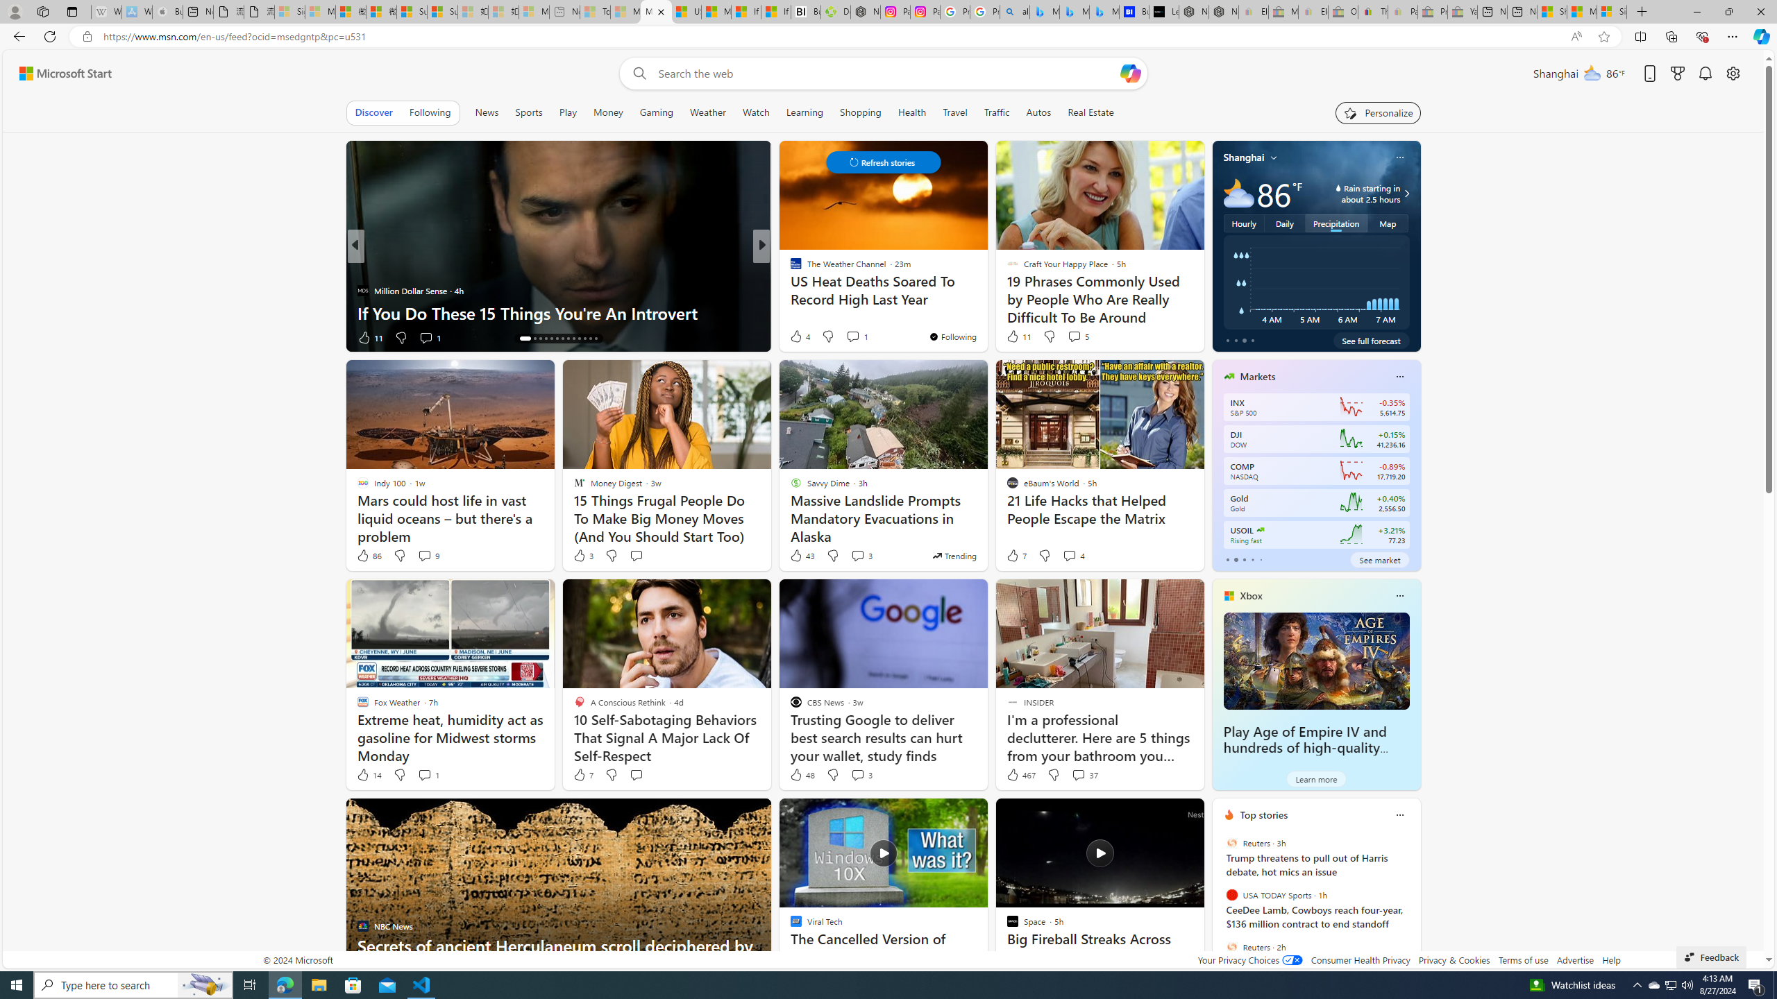 The width and height of the screenshot is (1777, 999). I want to click on 'tab-3', so click(1251, 560).